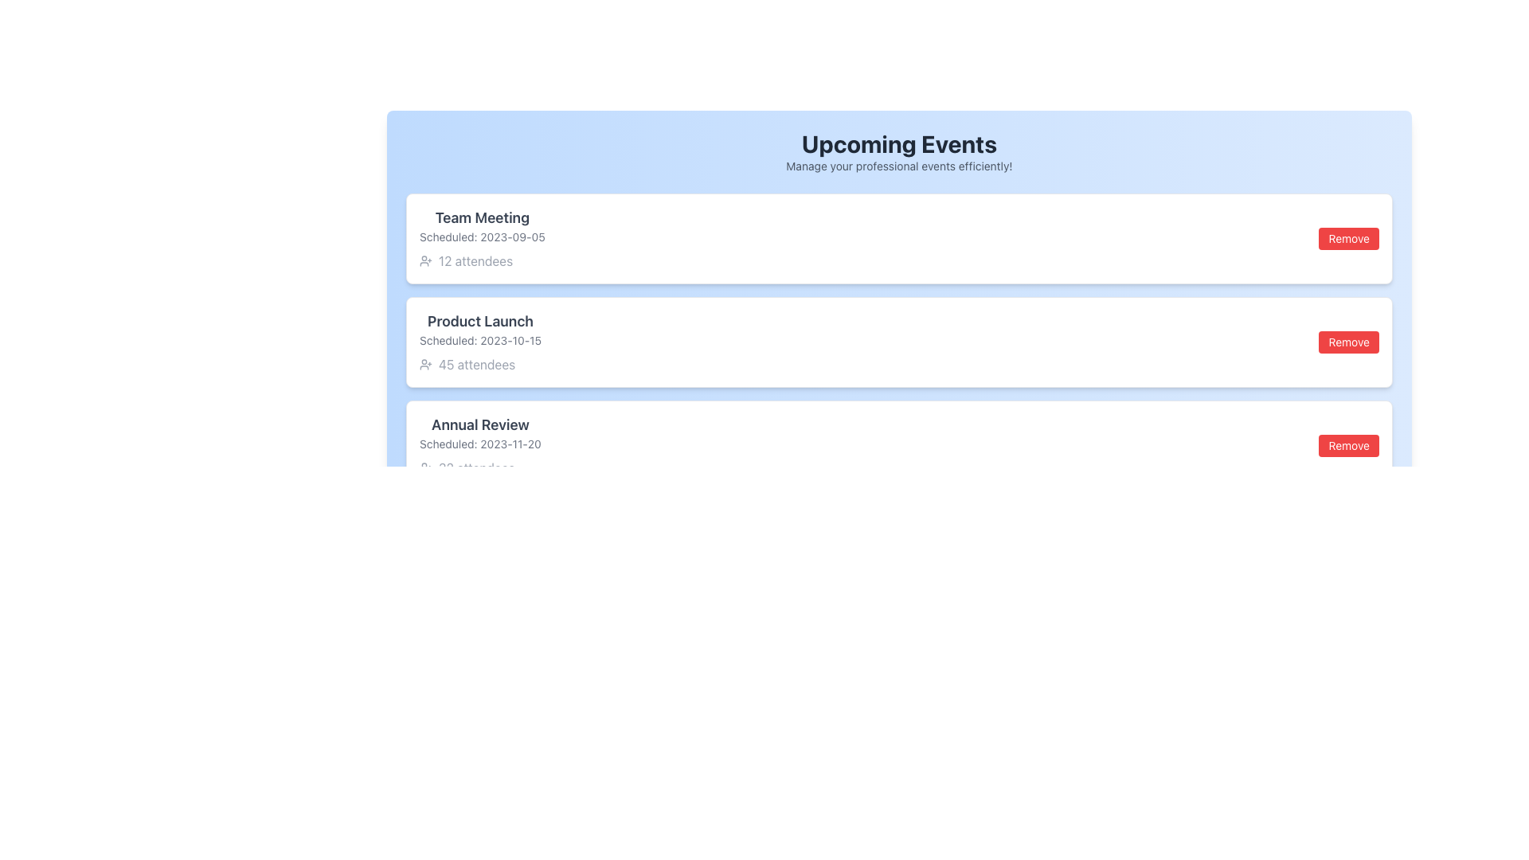 The height and width of the screenshot is (860, 1529). Describe the element at coordinates (899, 144) in the screenshot. I see `the text element displaying 'Upcoming Events' which is located at the top-center of the interface, in a large, bold font against a light blue background` at that location.